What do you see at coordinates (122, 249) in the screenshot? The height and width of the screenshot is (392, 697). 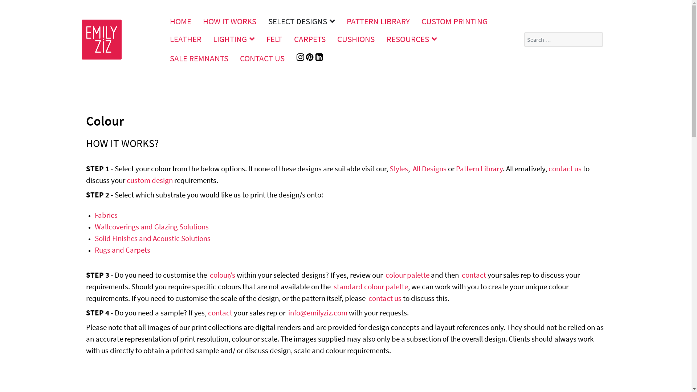 I see `'Rugs and Carpets'` at bounding box center [122, 249].